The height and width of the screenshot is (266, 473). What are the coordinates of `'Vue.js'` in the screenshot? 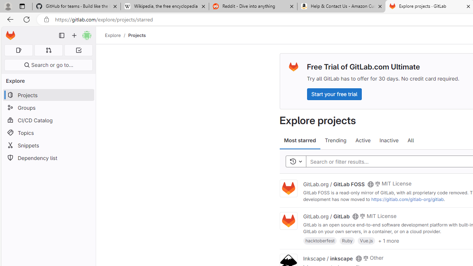 It's located at (367, 241).